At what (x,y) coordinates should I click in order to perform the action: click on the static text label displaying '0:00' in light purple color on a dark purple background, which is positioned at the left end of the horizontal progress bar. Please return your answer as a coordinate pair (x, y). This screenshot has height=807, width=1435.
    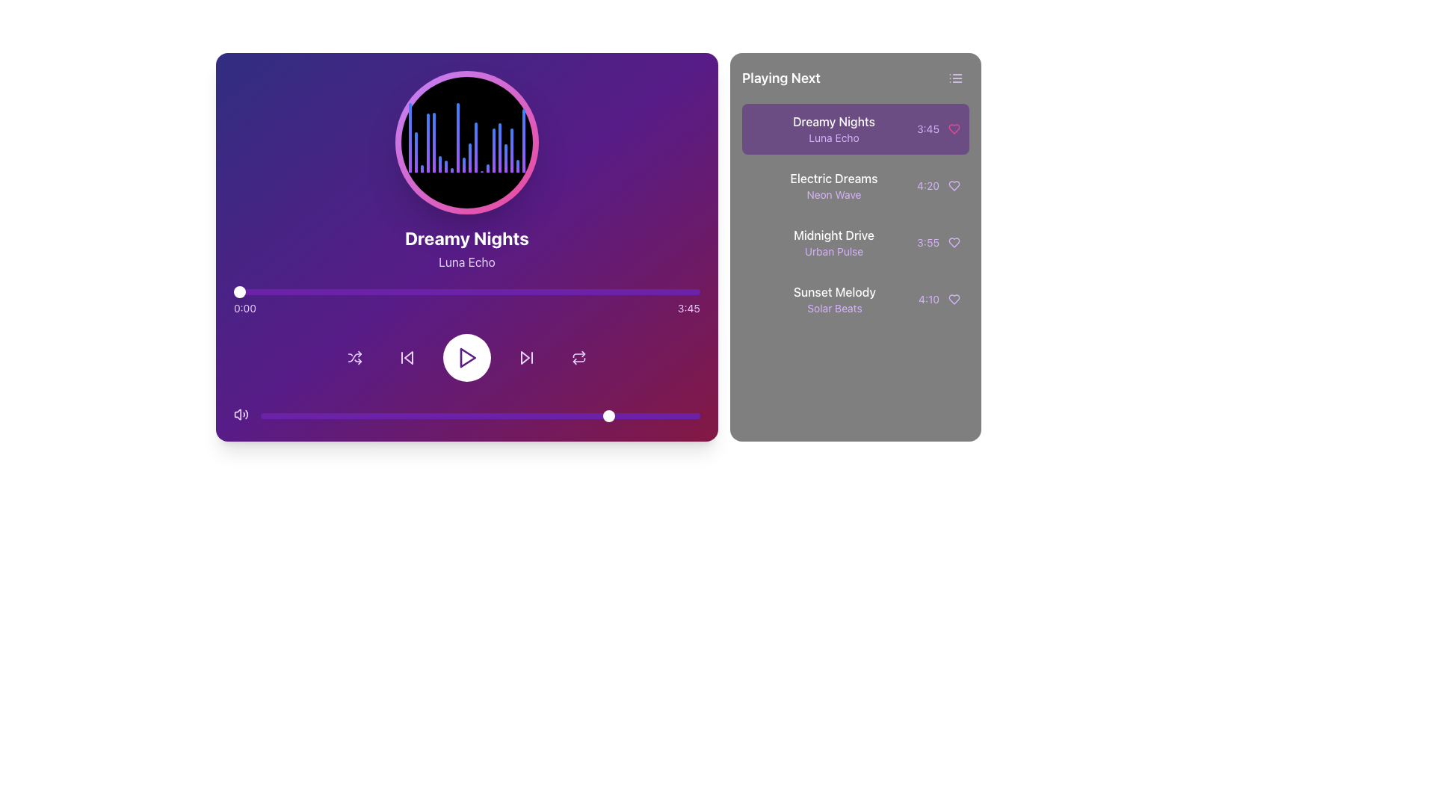
    Looking at the image, I should click on (244, 307).